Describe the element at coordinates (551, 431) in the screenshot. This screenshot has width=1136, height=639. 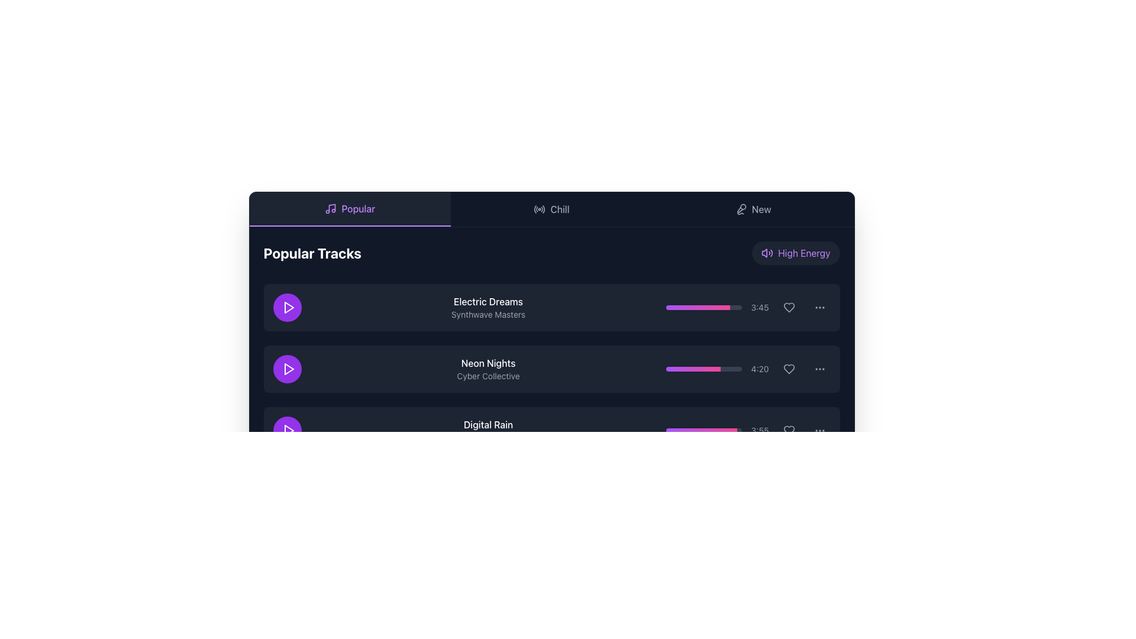
I see `the duration of the third music track in the 'Popular Tracks' section` at that location.